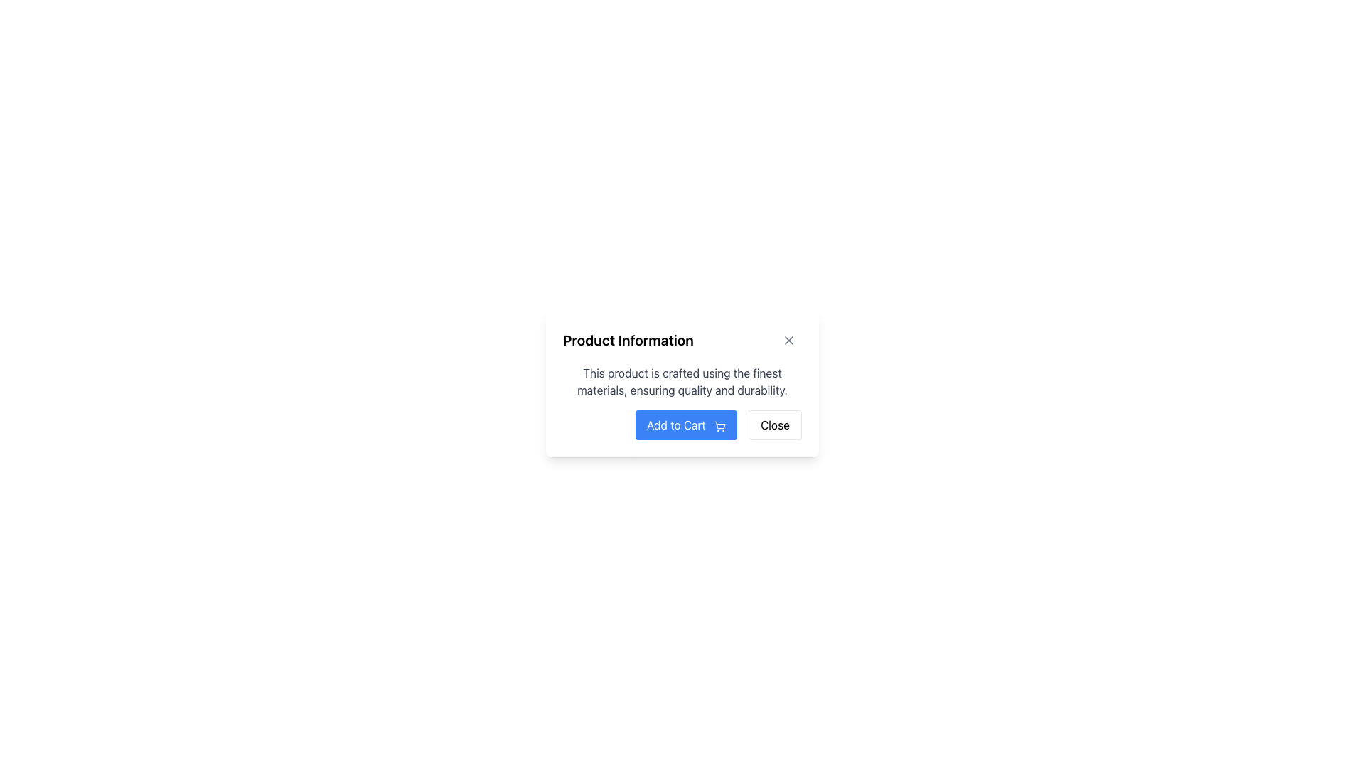  I want to click on the icon that visually represents the action of adding an item to a shopping cart, positioned to the right end of the 'Add to Cart' button in the modal dialog, so click(720, 425).